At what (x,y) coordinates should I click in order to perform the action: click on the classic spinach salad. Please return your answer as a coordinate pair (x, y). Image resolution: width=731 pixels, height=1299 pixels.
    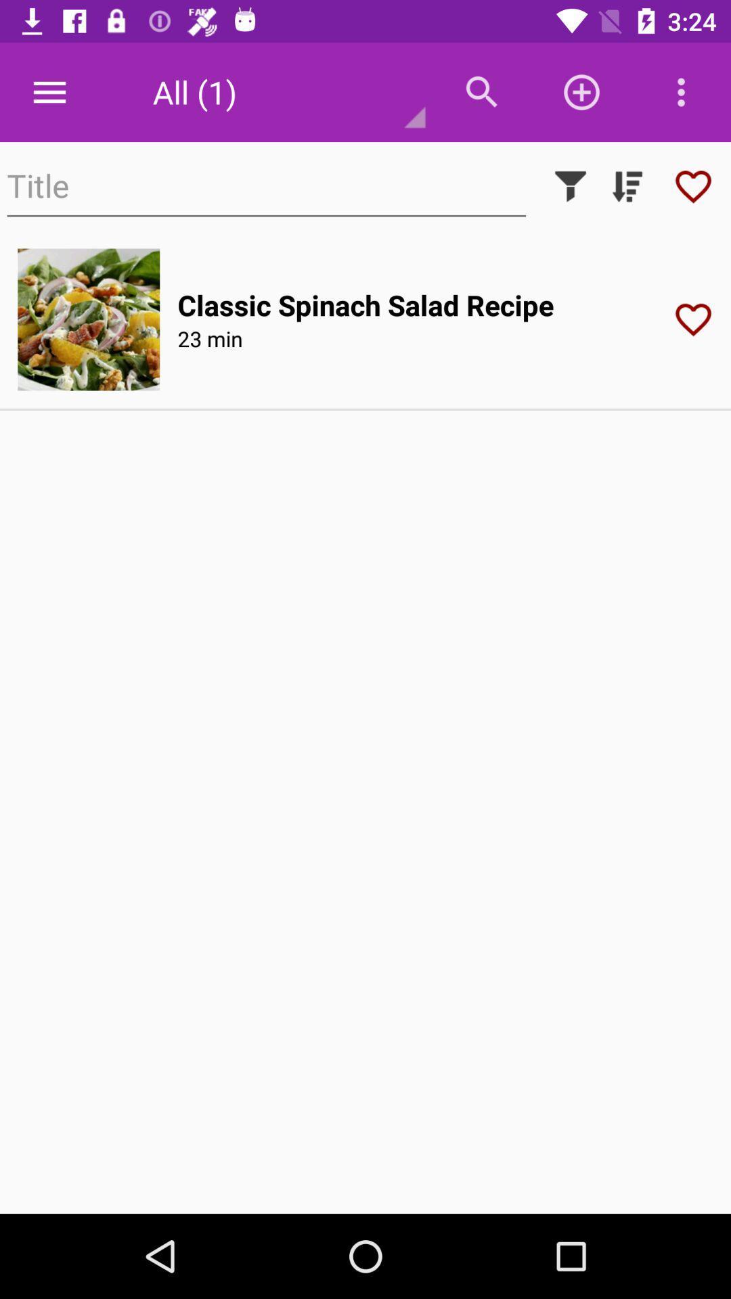
    Looking at the image, I should click on (365, 304).